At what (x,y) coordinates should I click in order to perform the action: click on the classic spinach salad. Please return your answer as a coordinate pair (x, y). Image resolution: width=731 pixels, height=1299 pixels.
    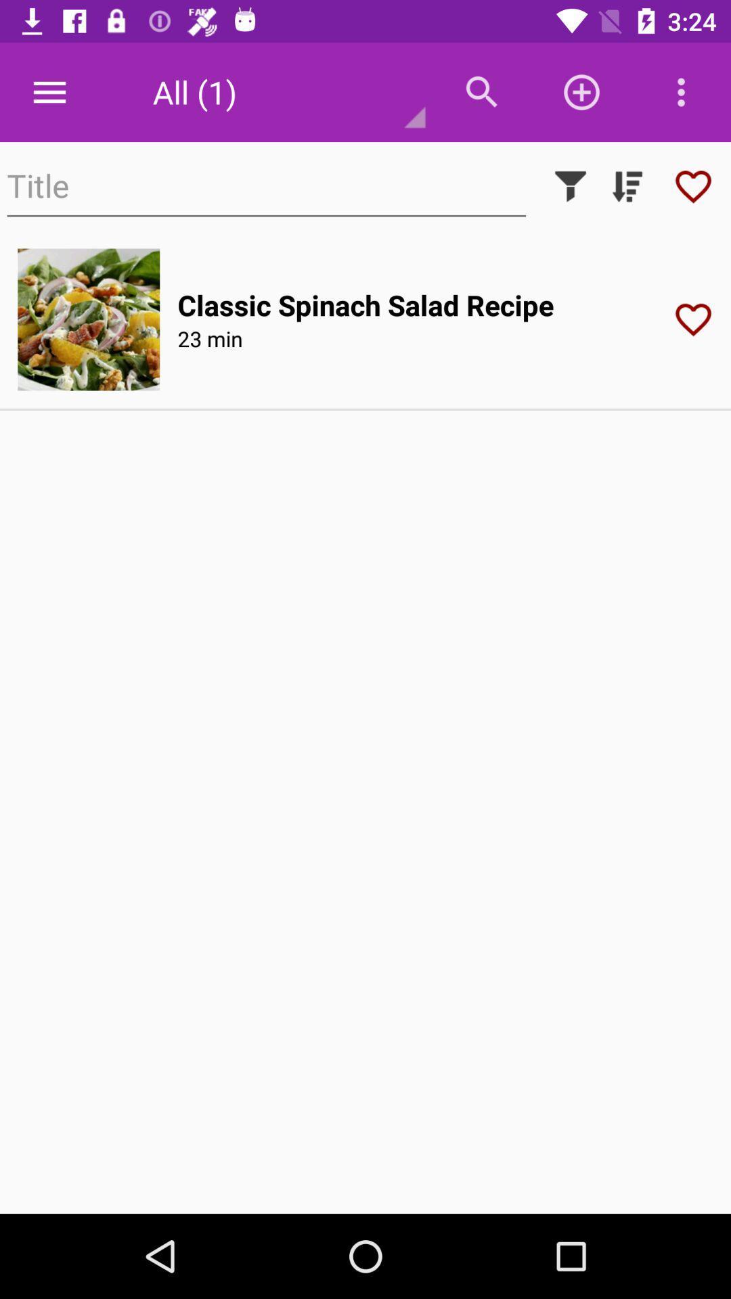
    Looking at the image, I should click on (365, 304).